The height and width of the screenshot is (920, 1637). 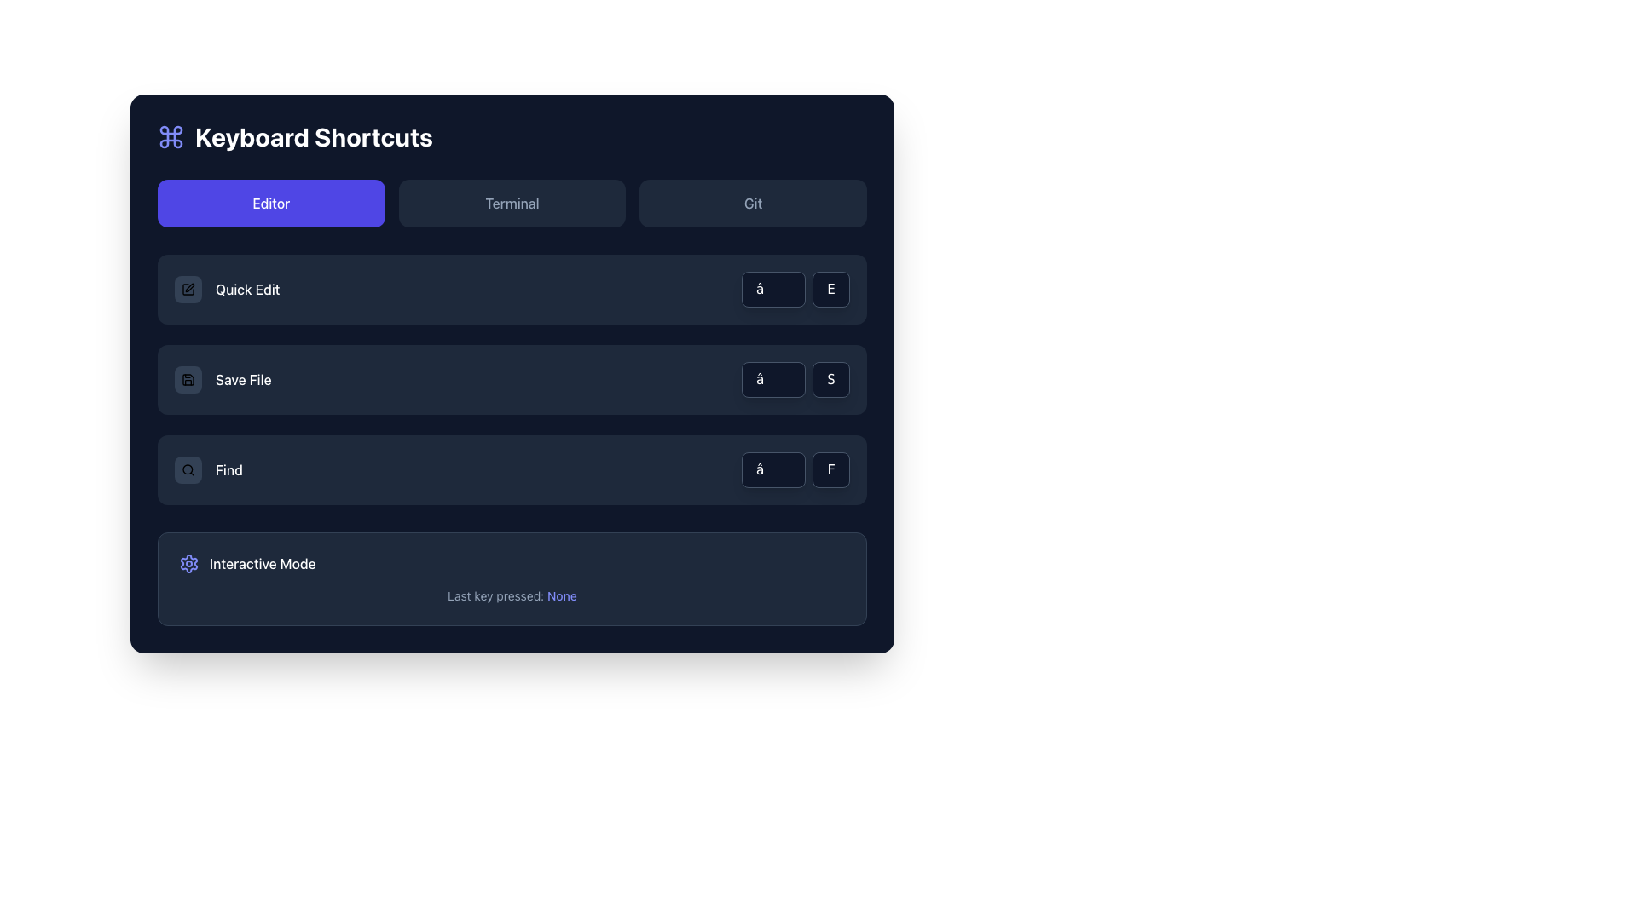 What do you see at coordinates (188, 379) in the screenshot?
I see `the save icon, which is a compact floppy disk symbol with rounded edges, located in the second row of the 'Keyboard Shortcuts' modal under the 'Editor' tab` at bounding box center [188, 379].